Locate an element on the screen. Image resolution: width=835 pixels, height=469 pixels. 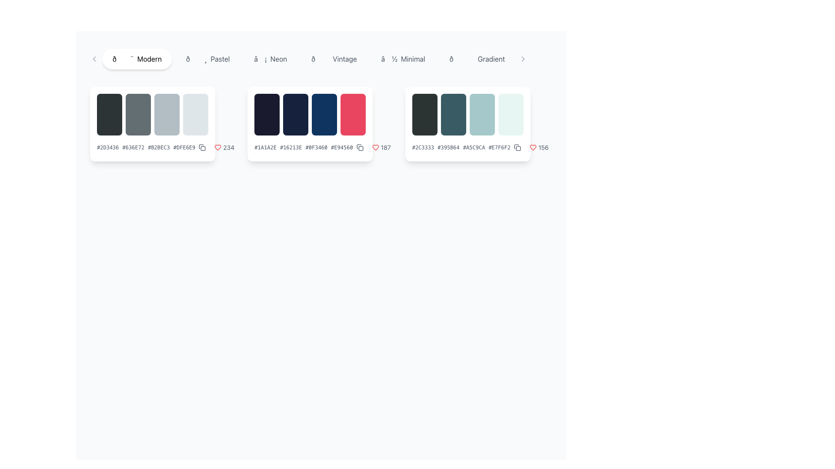
the rightmost rectangular area with rounded corners and a light gray color, which is the fourth item in a horizontally arranged group of four components on the left side of a white card is located at coordinates (195, 114).